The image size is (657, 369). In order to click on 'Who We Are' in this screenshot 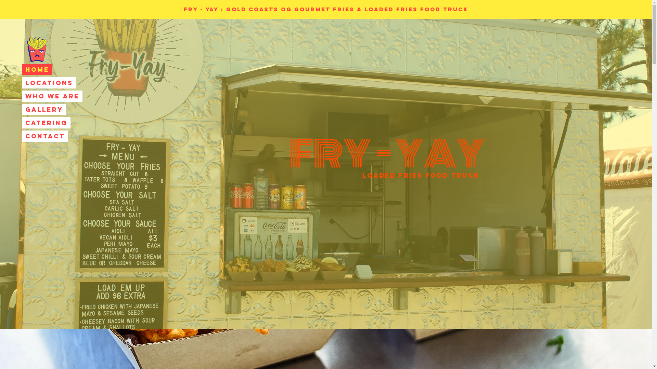, I will do `click(52, 96)`.